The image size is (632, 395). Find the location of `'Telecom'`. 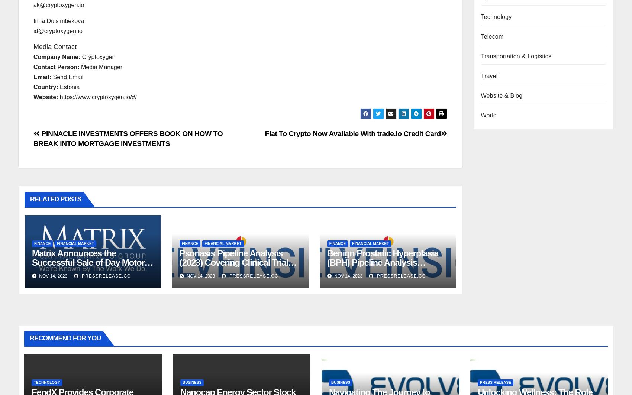

'Telecom' is located at coordinates (492, 36).